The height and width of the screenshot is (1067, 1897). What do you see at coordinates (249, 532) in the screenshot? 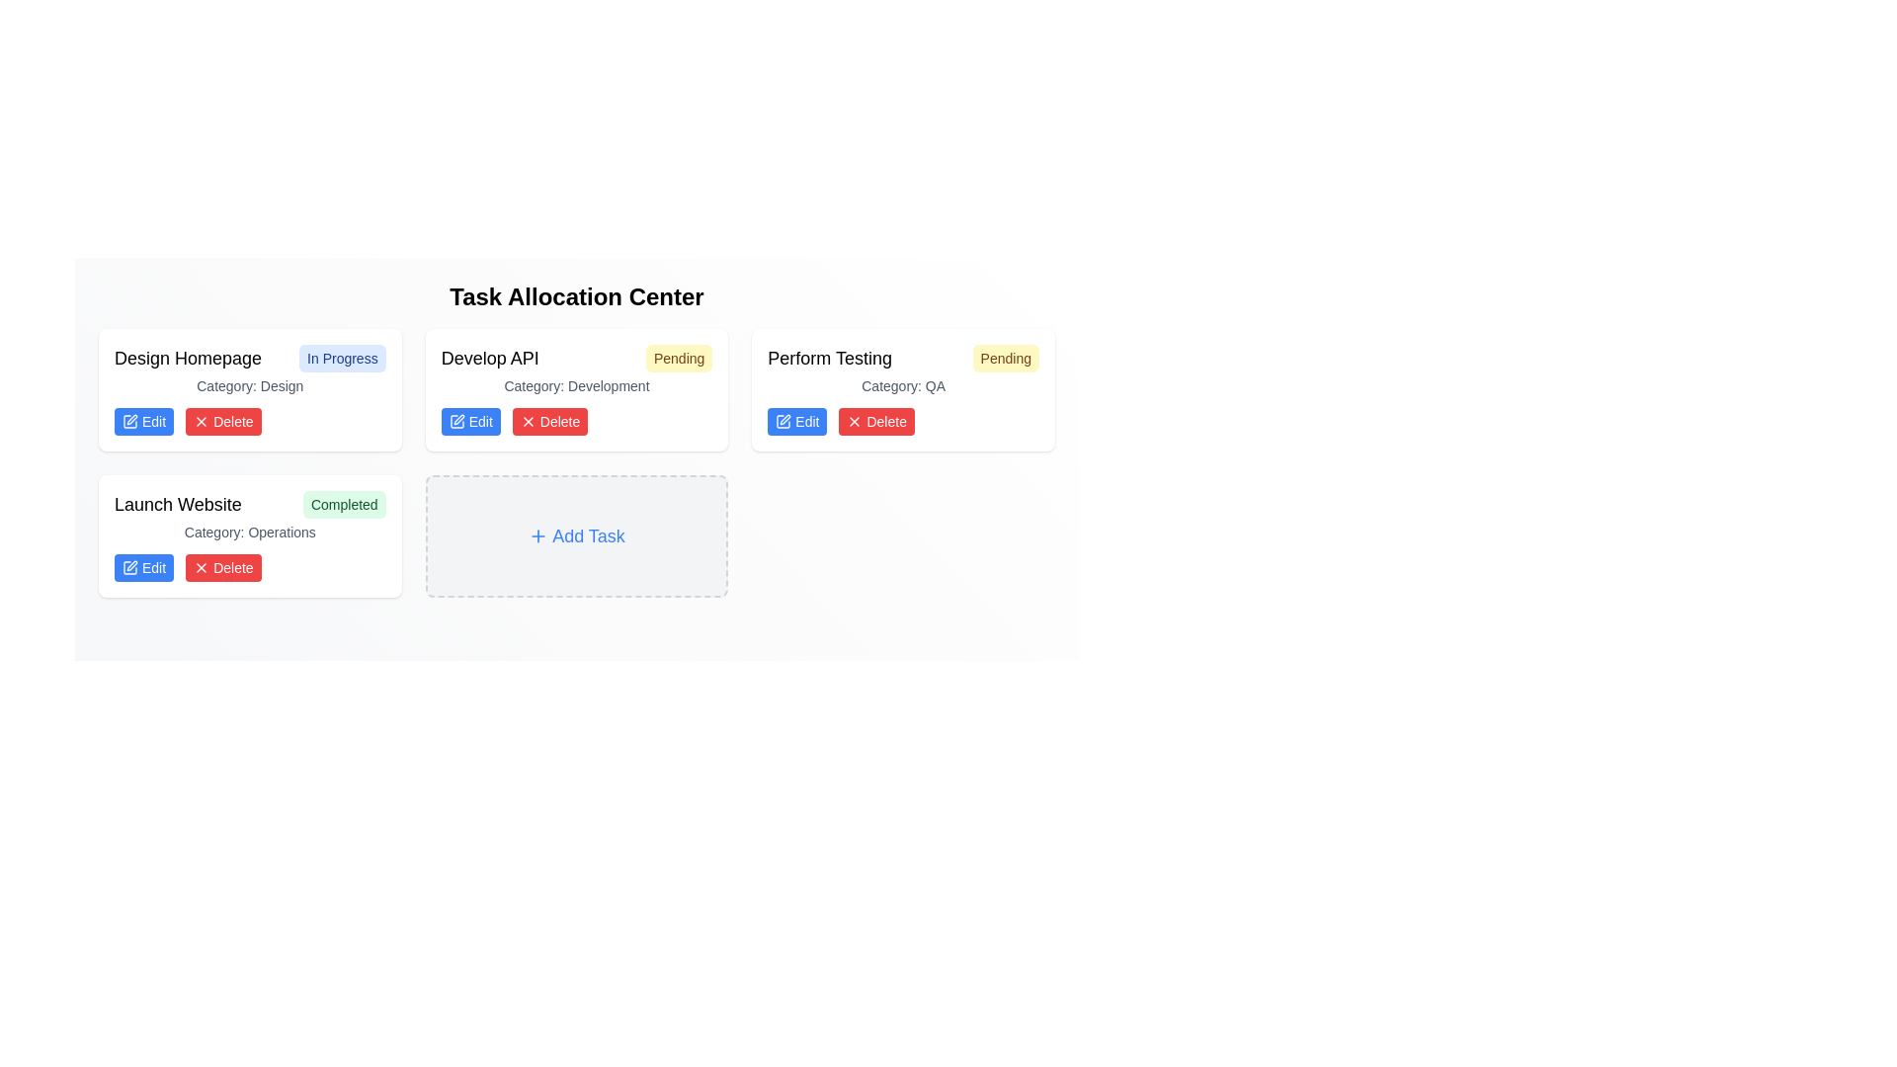
I see `the text label displaying 'Category: Operations', which is located beneath the header 'Launch Website' within the task box` at bounding box center [249, 532].